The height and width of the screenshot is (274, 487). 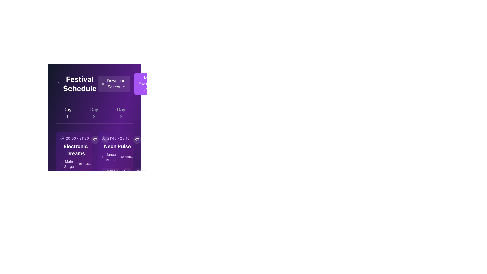 What do you see at coordinates (95, 140) in the screenshot?
I see `the heart-shaped icon used for favoriting the 'Electronic Dreams' event to mark it as favorite` at bounding box center [95, 140].